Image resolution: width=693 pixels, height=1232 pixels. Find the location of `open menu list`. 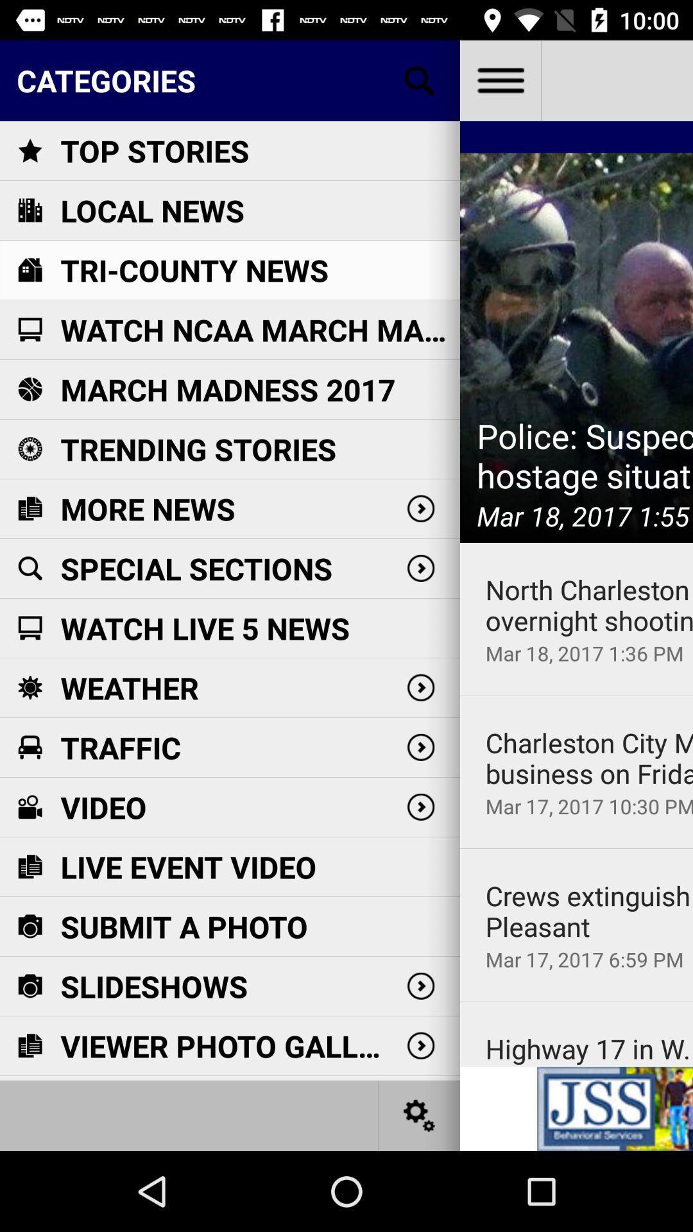

open menu list is located at coordinates (499, 80).